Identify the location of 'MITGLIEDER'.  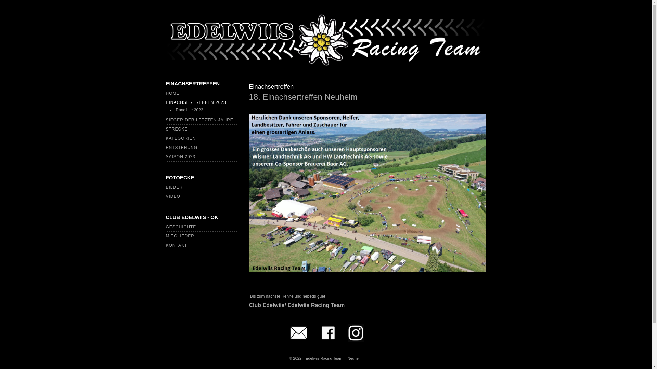
(180, 235).